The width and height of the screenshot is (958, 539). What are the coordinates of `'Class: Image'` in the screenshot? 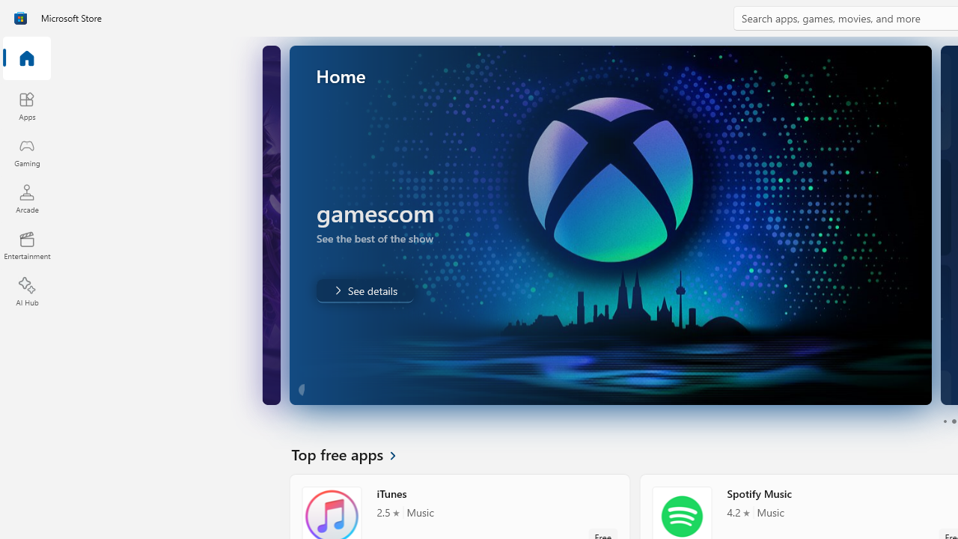 It's located at (20, 18).